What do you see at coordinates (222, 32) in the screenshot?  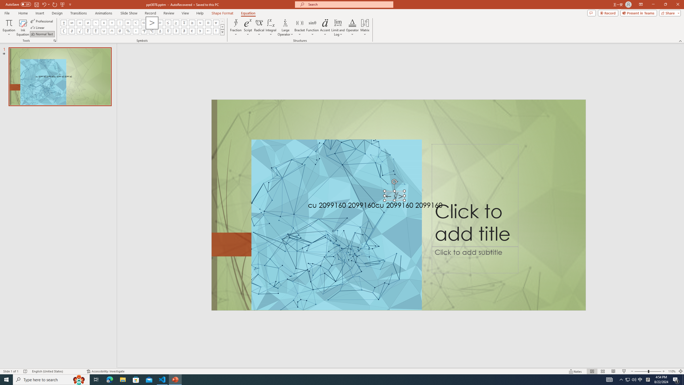 I see `'Equation Symbols'` at bounding box center [222, 32].